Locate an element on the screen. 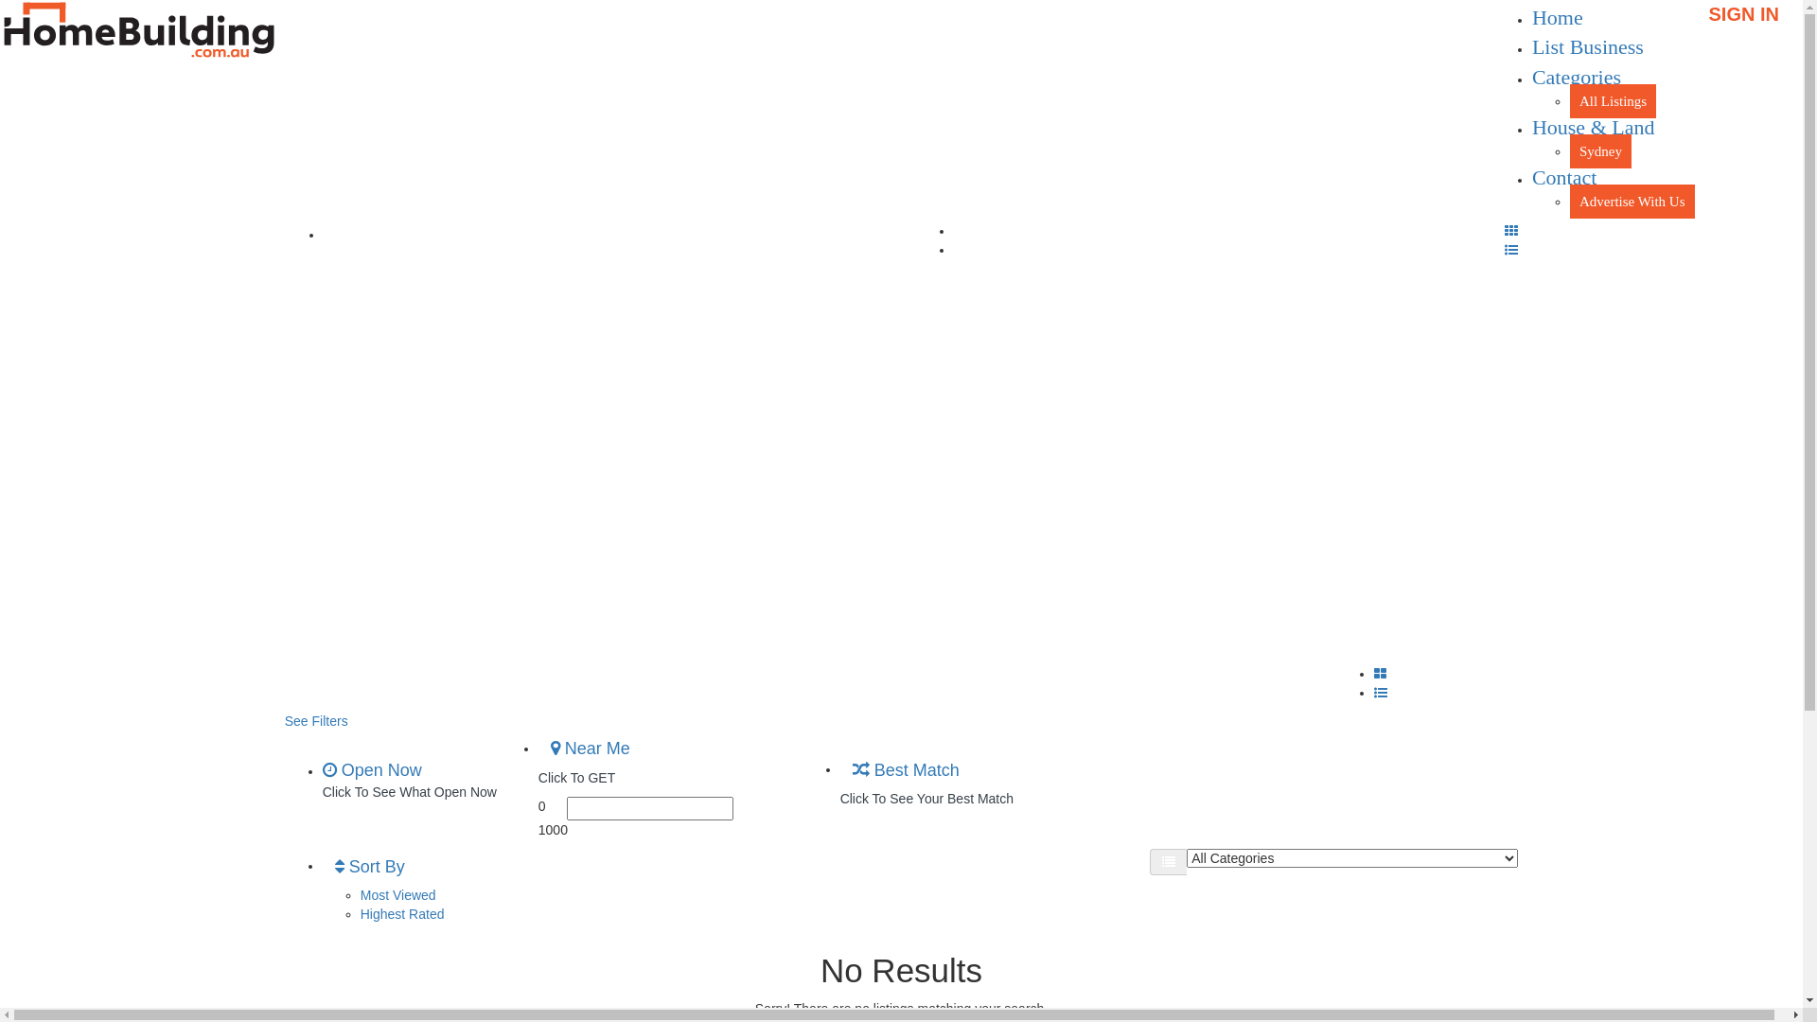  'Near Me' is located at coordinates (590, 748).